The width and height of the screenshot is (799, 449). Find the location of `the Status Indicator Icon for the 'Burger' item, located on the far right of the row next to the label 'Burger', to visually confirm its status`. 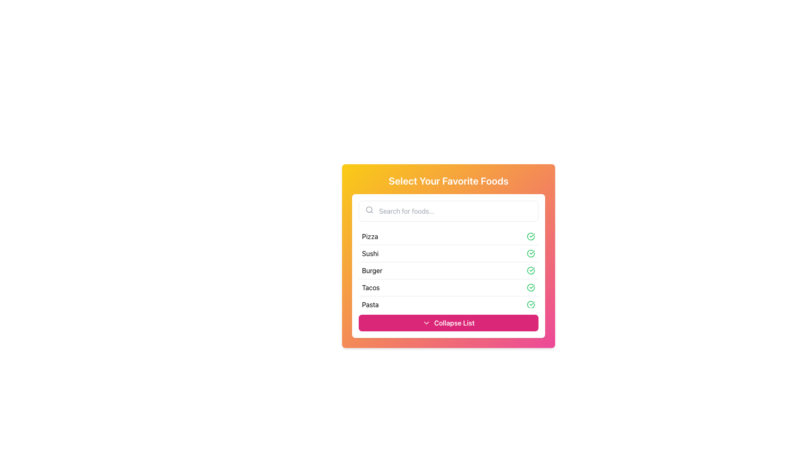

the Status Indicator Icon for the 'Burger' item, located on the far right of the row next to the label 'Burger', to visually confirm its status is located at coordinates (531, 271).